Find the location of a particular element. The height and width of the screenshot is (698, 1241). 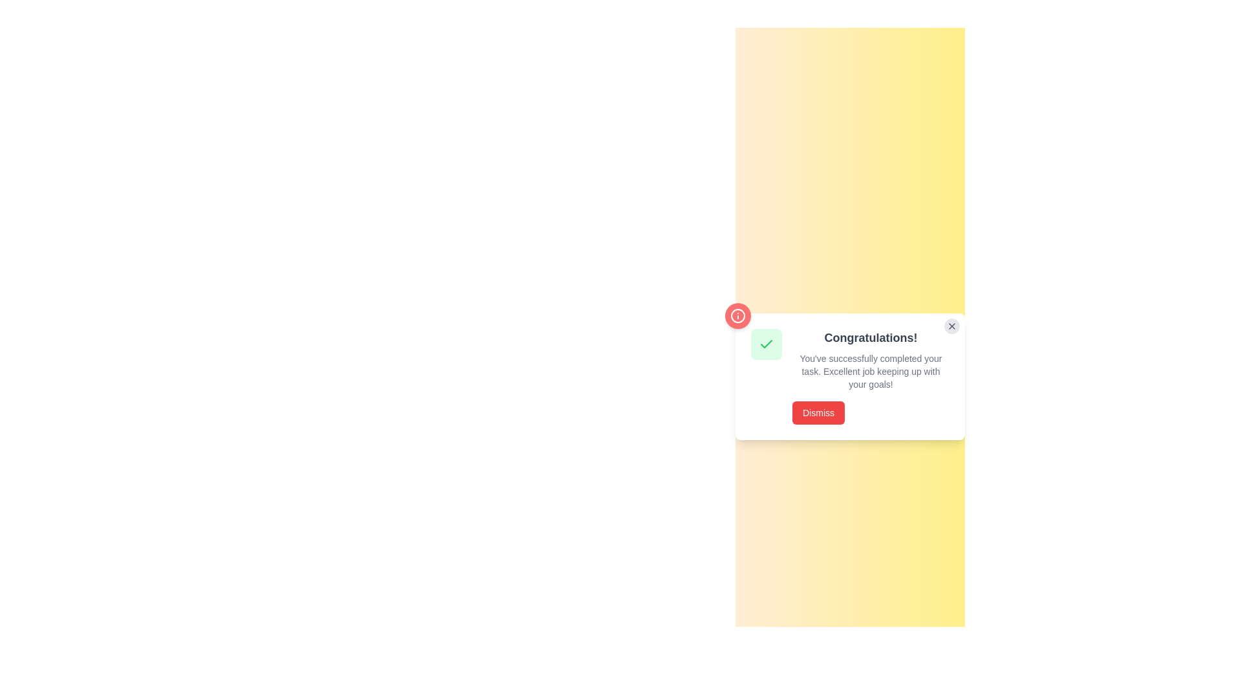

the 'X' shaped Close Icon, which is located at the top-right corner of the notification card is located at coordinates (952, 326).